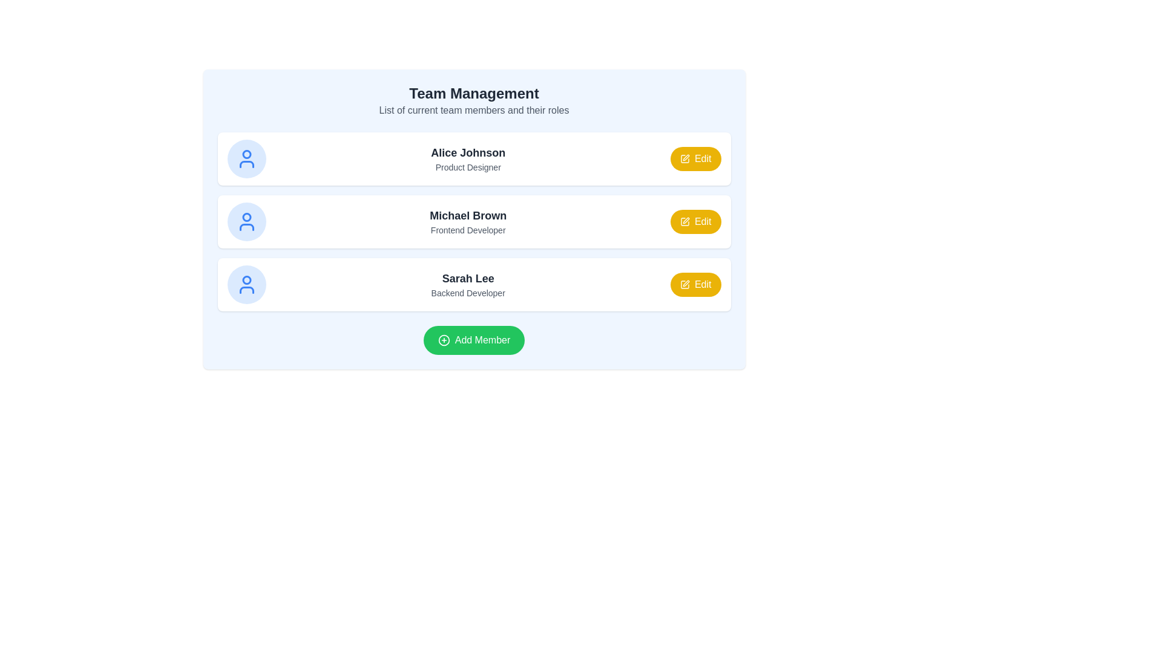  I want to click on the 'Edit' text label within the yellow edit button of the entry for 'Sarah Lee Backend Developer', so click(703, 284).